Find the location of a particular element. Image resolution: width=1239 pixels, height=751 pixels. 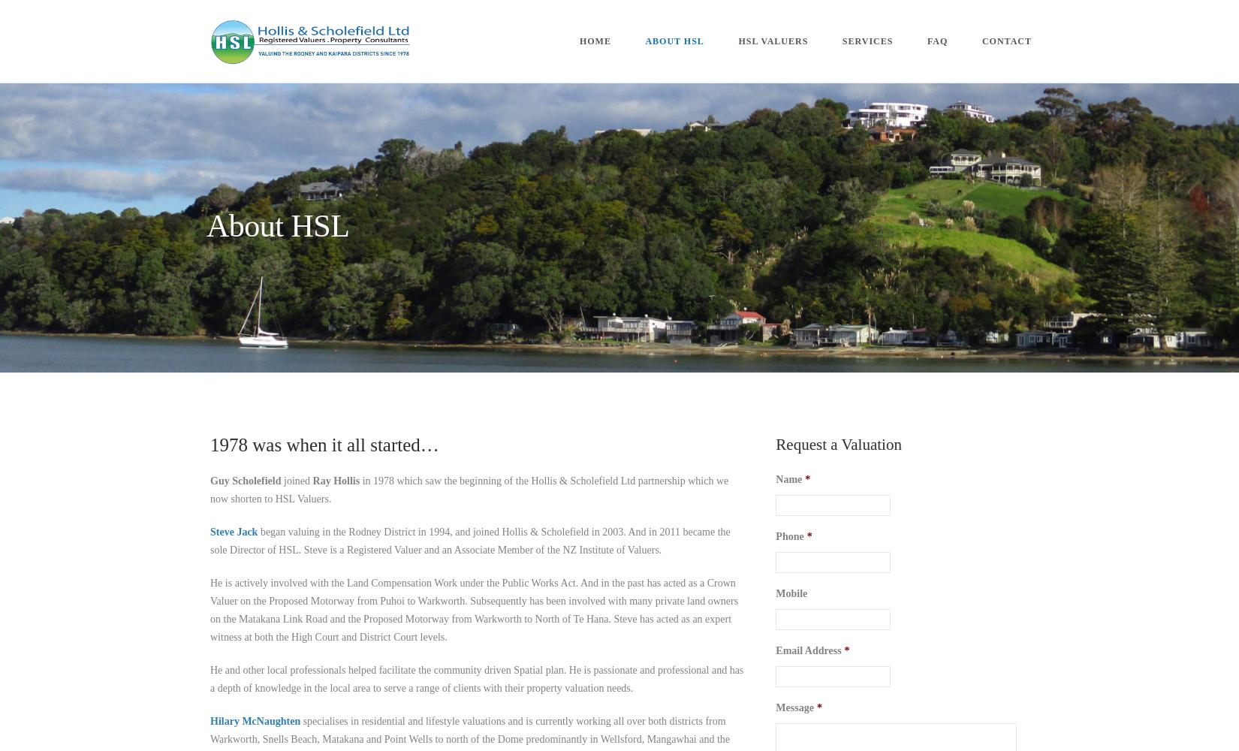

'Services' is located at coordinates (867, 41).